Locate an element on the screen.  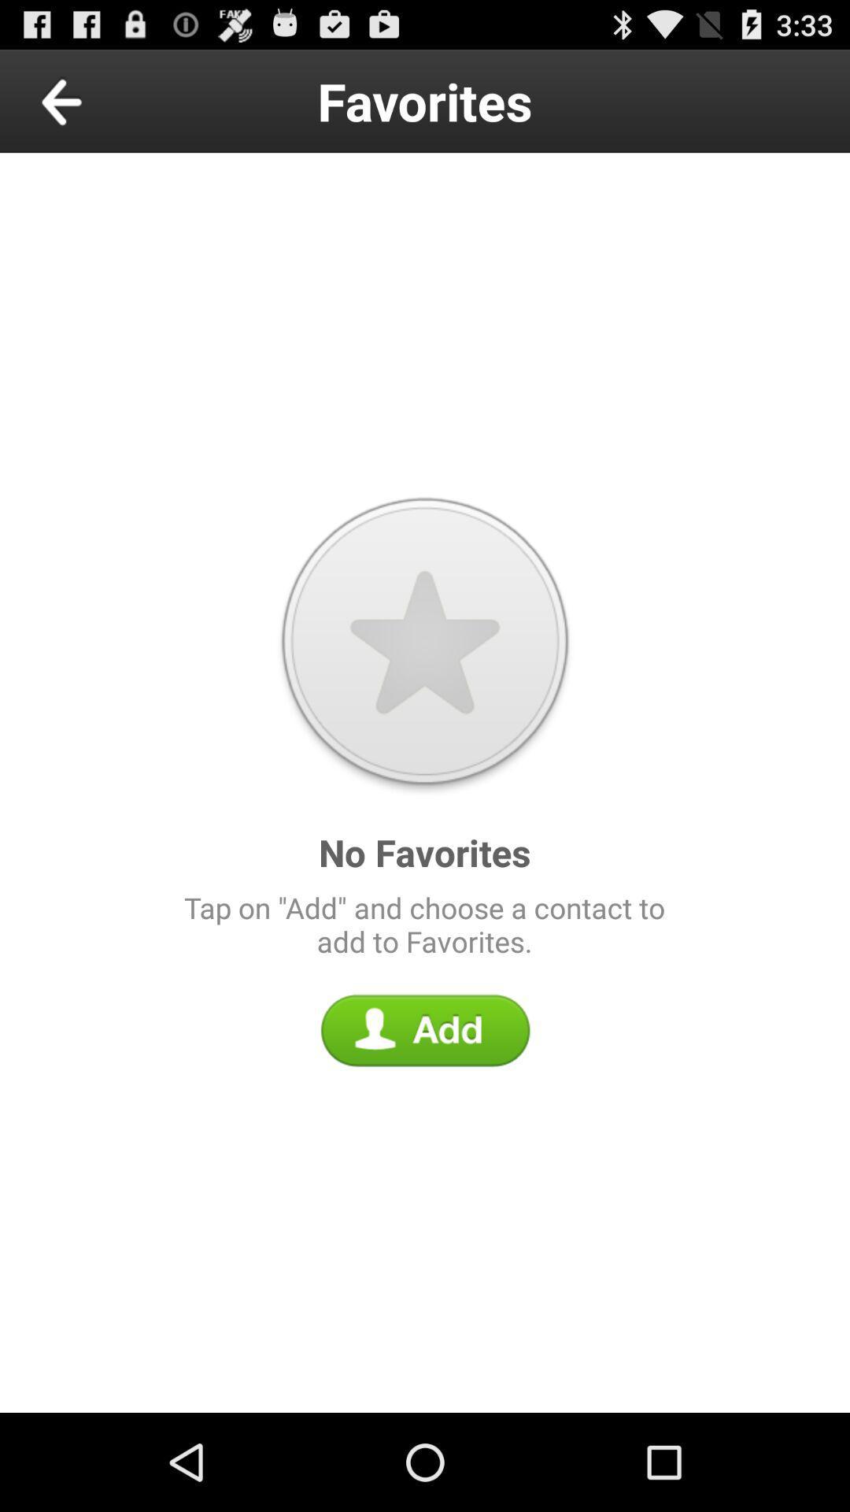
add option is located at coordinates (425, 1030).